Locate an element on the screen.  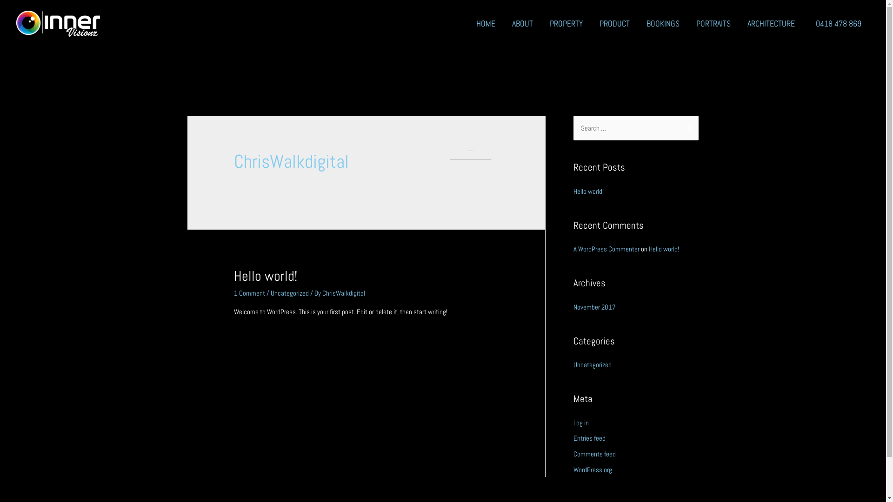
'WordPress.org' is located at coordinates (592, 469).